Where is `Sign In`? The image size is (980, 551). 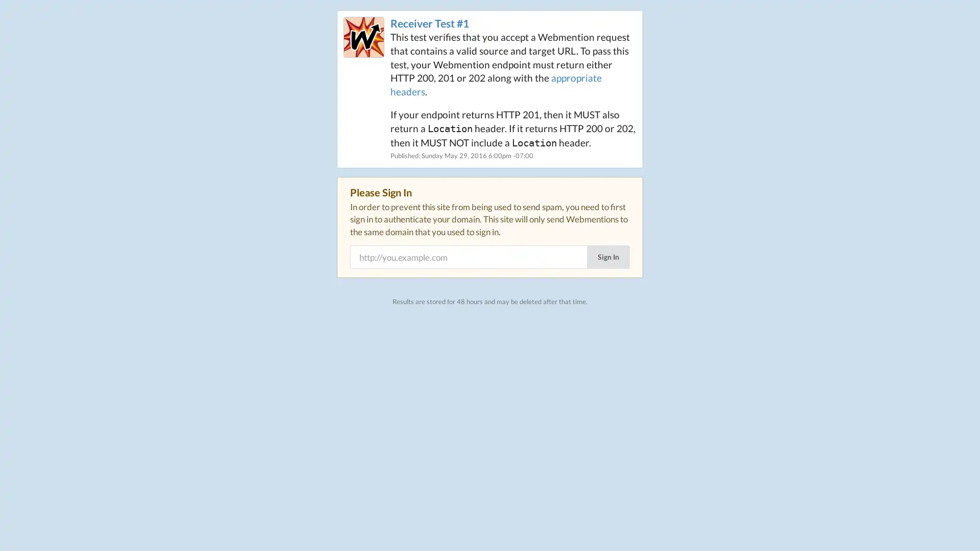
Sign In is located at coordinates (608, 256).